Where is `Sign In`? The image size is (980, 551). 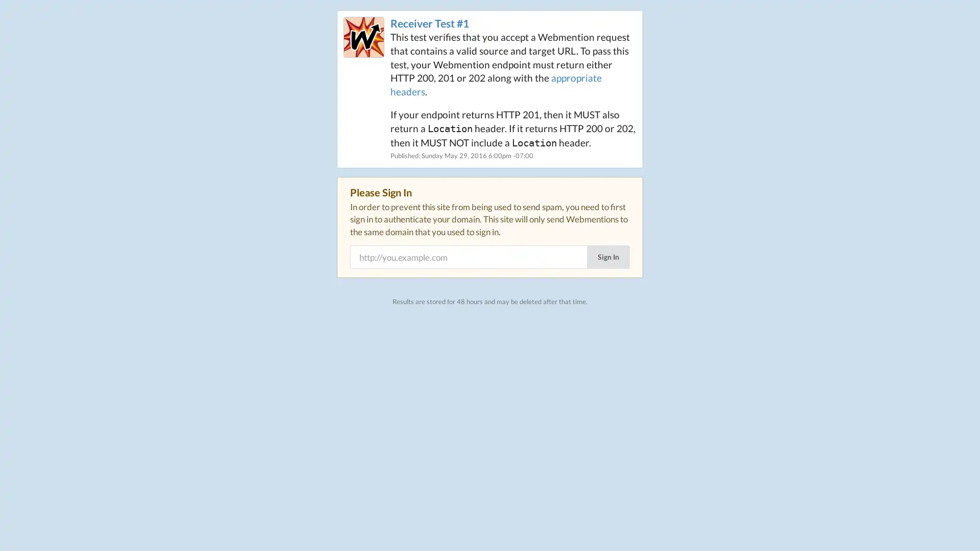
Sign In is located at coordinates (608, 256).